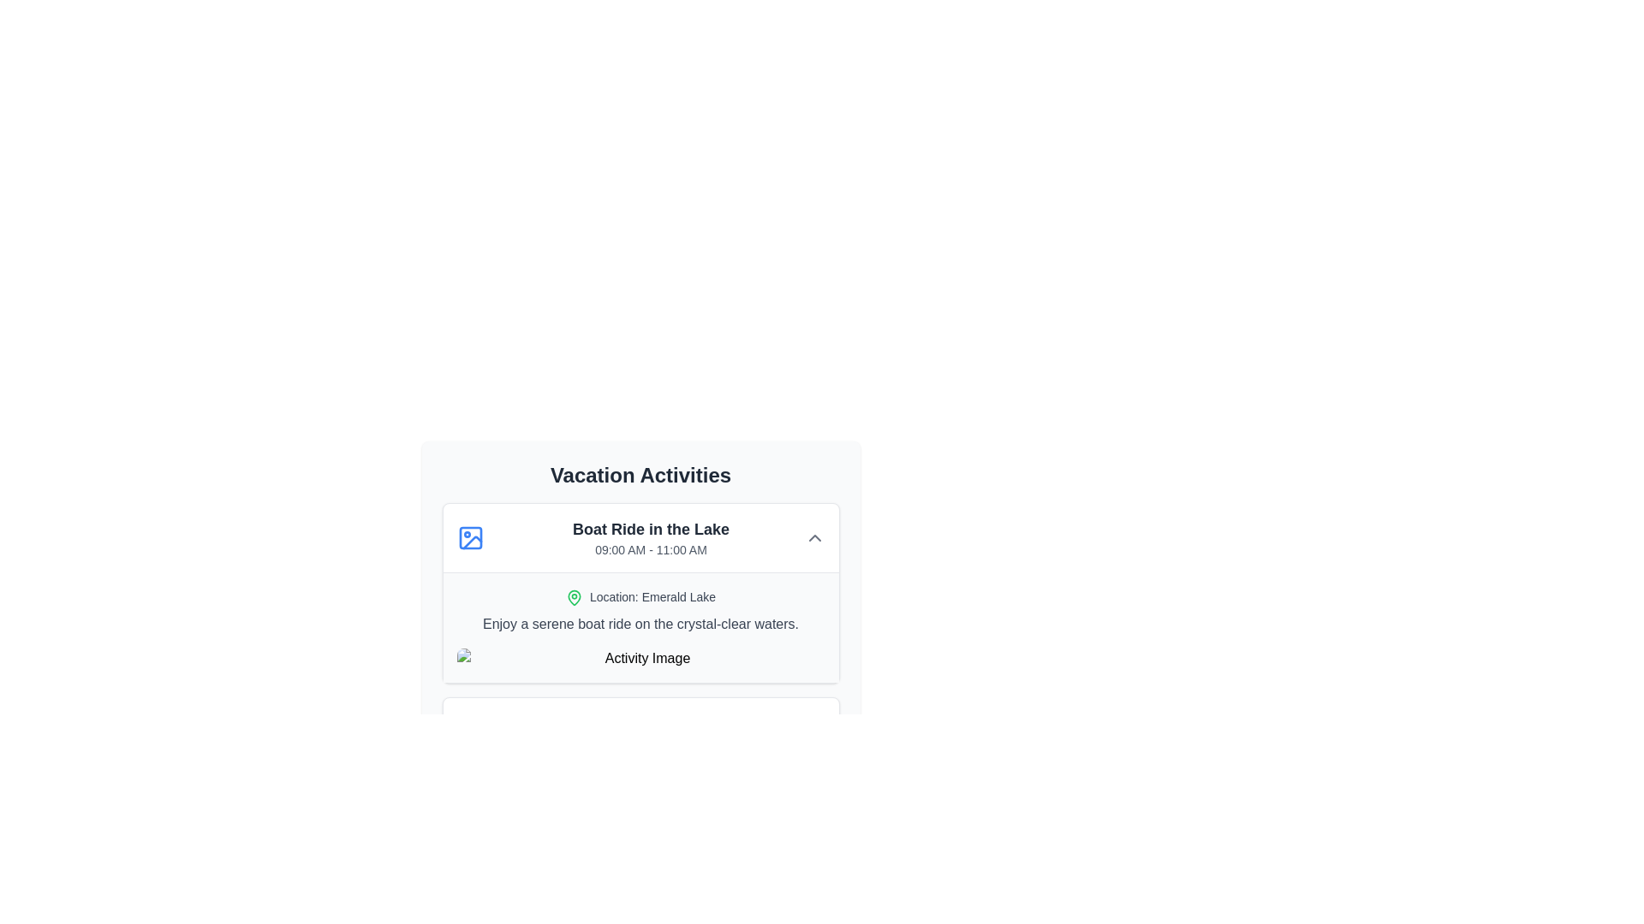  Describe the element at coordinates (813, 536) in the screenshot. I see `the upward-pointing gray chevron icon located at the top-right corner of the 'Boat Ride in the Lake' activity card header` at that location.